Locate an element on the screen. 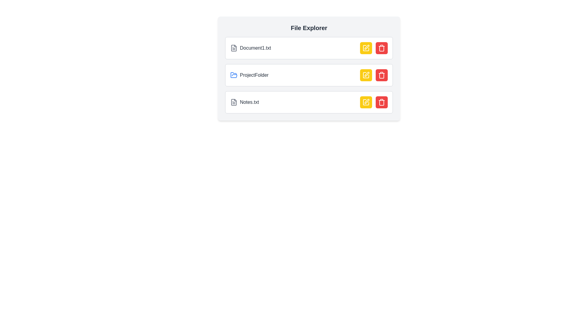 This screenshot has height=325, width=578. the small yellow circular button with a pencil icon located in the 'ProjectFolder' list of the file explorer is located at coordinates (365, 75).